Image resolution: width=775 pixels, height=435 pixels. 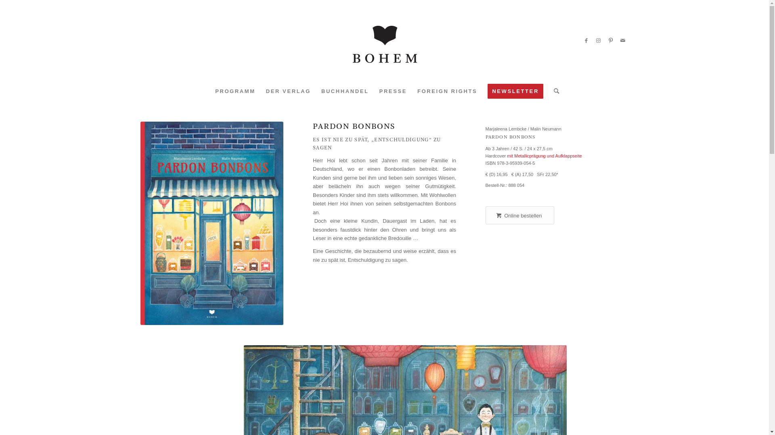 I want to click on 'FOREIGN RIGHTS', so click(x=447, y=91).